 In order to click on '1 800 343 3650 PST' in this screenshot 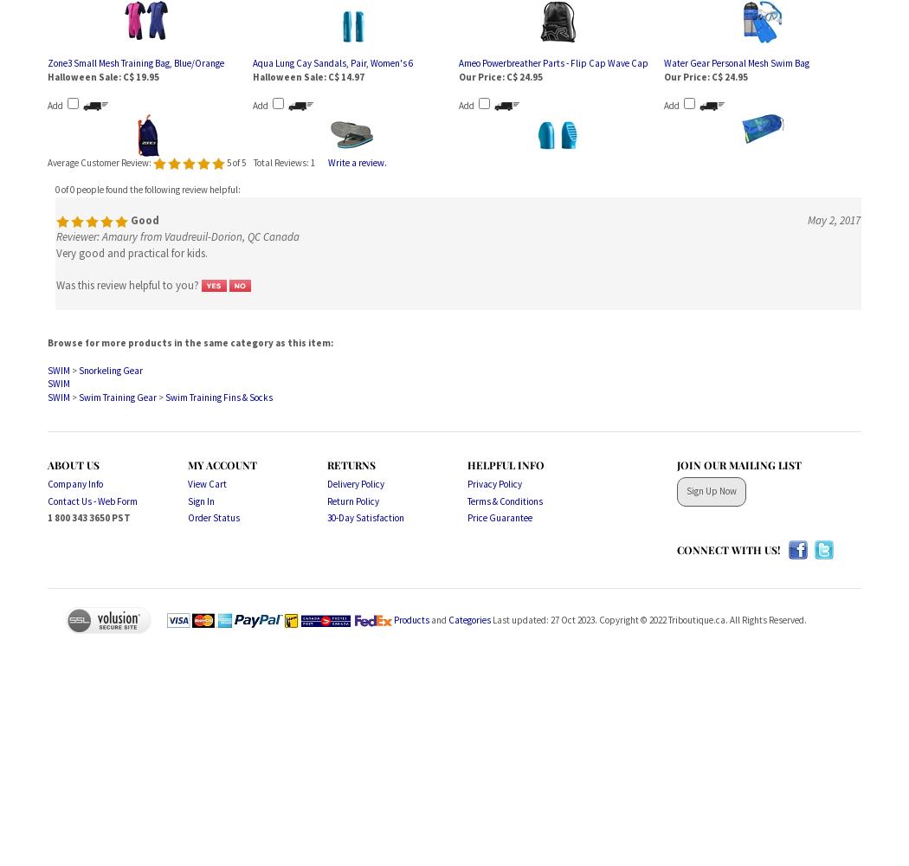, I will do `click(47, 517)`.